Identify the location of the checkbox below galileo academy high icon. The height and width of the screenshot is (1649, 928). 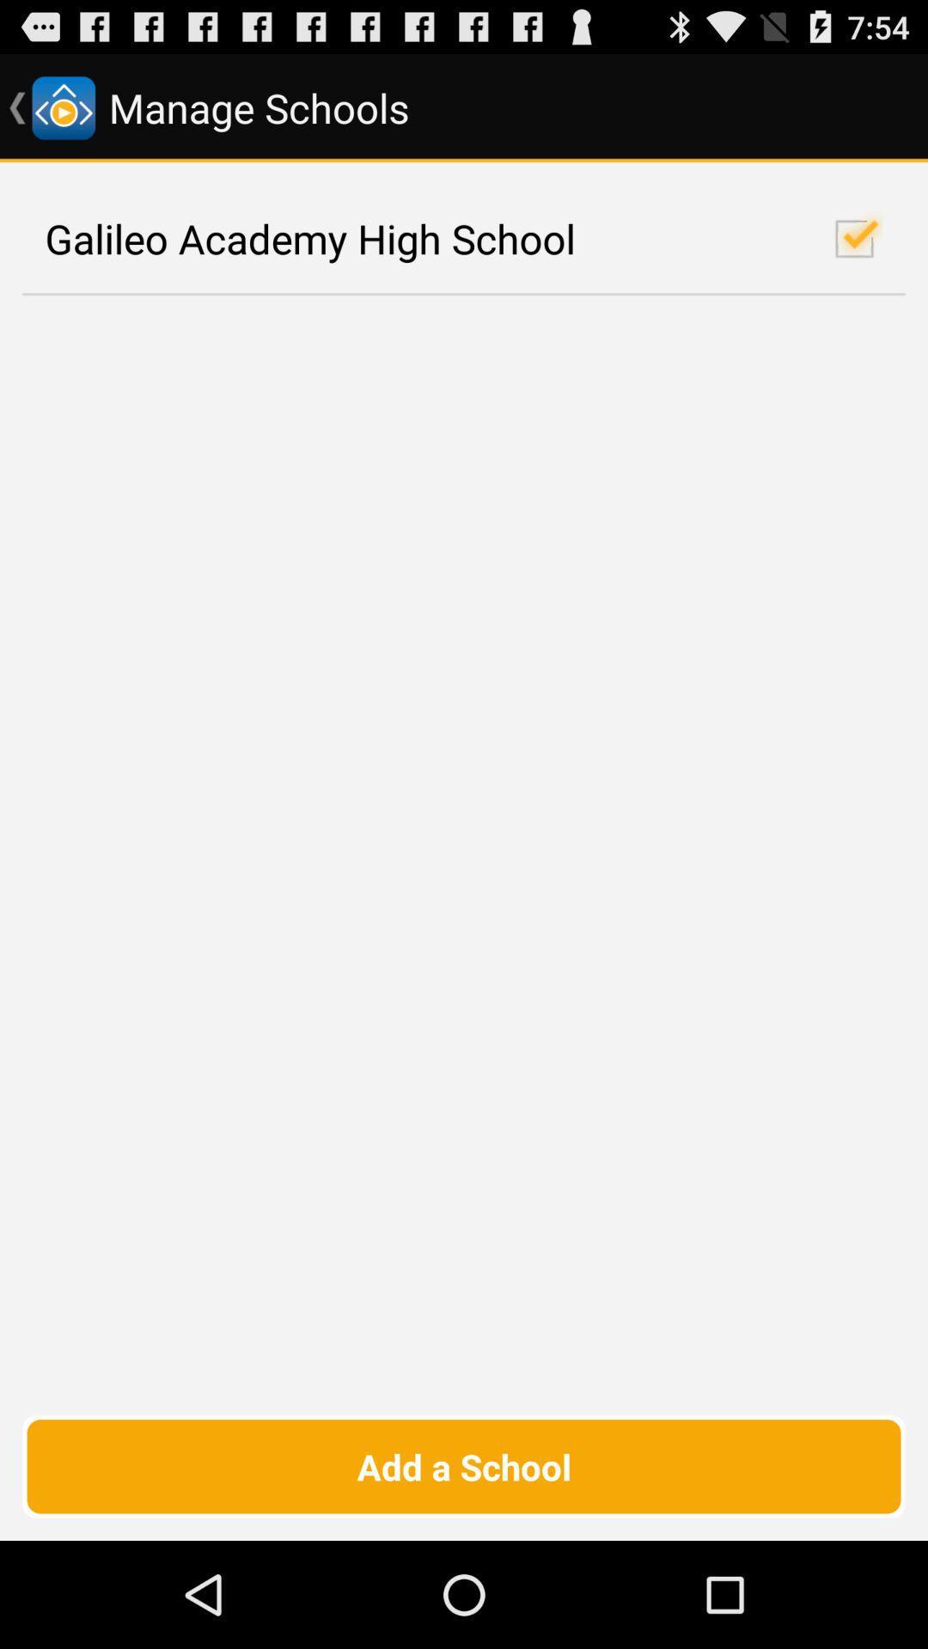
(464, 1465).